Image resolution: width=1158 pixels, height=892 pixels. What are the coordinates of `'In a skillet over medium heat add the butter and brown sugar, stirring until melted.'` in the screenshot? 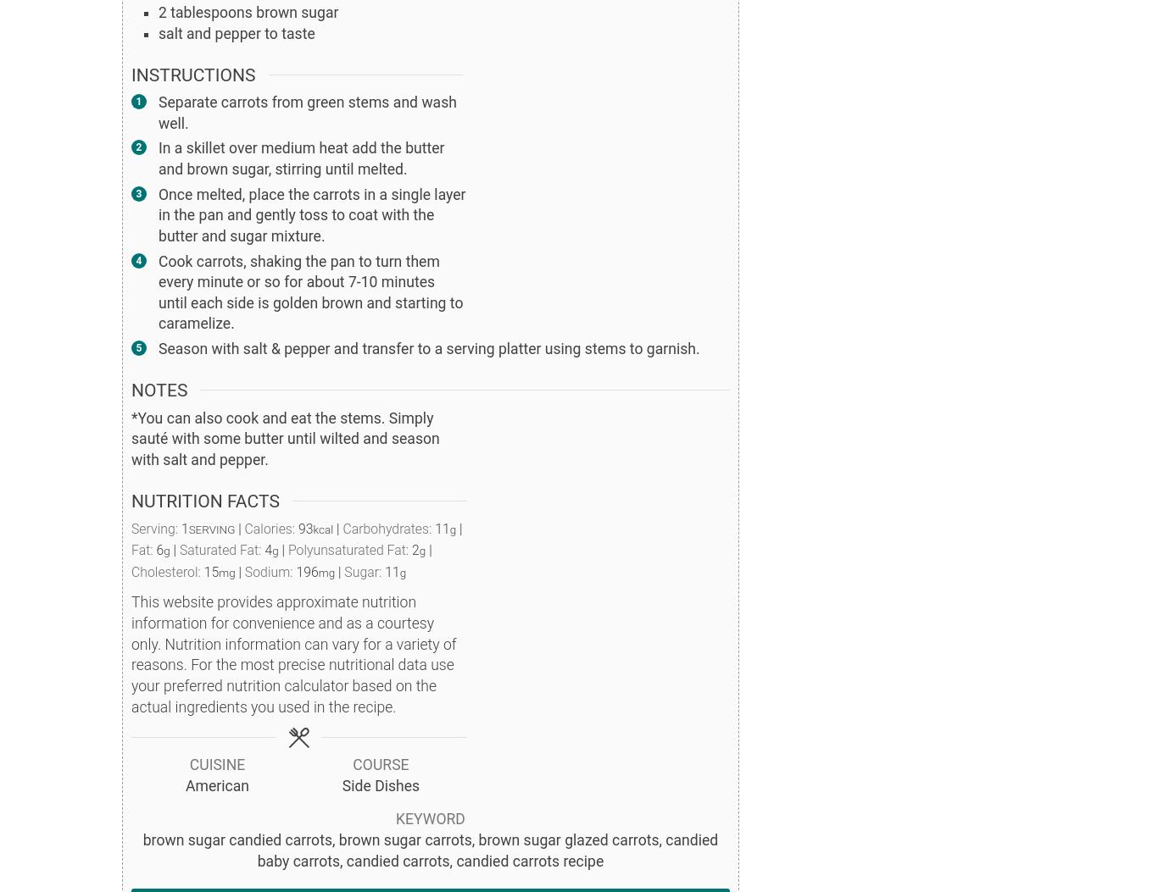 It's located at (158, 158).